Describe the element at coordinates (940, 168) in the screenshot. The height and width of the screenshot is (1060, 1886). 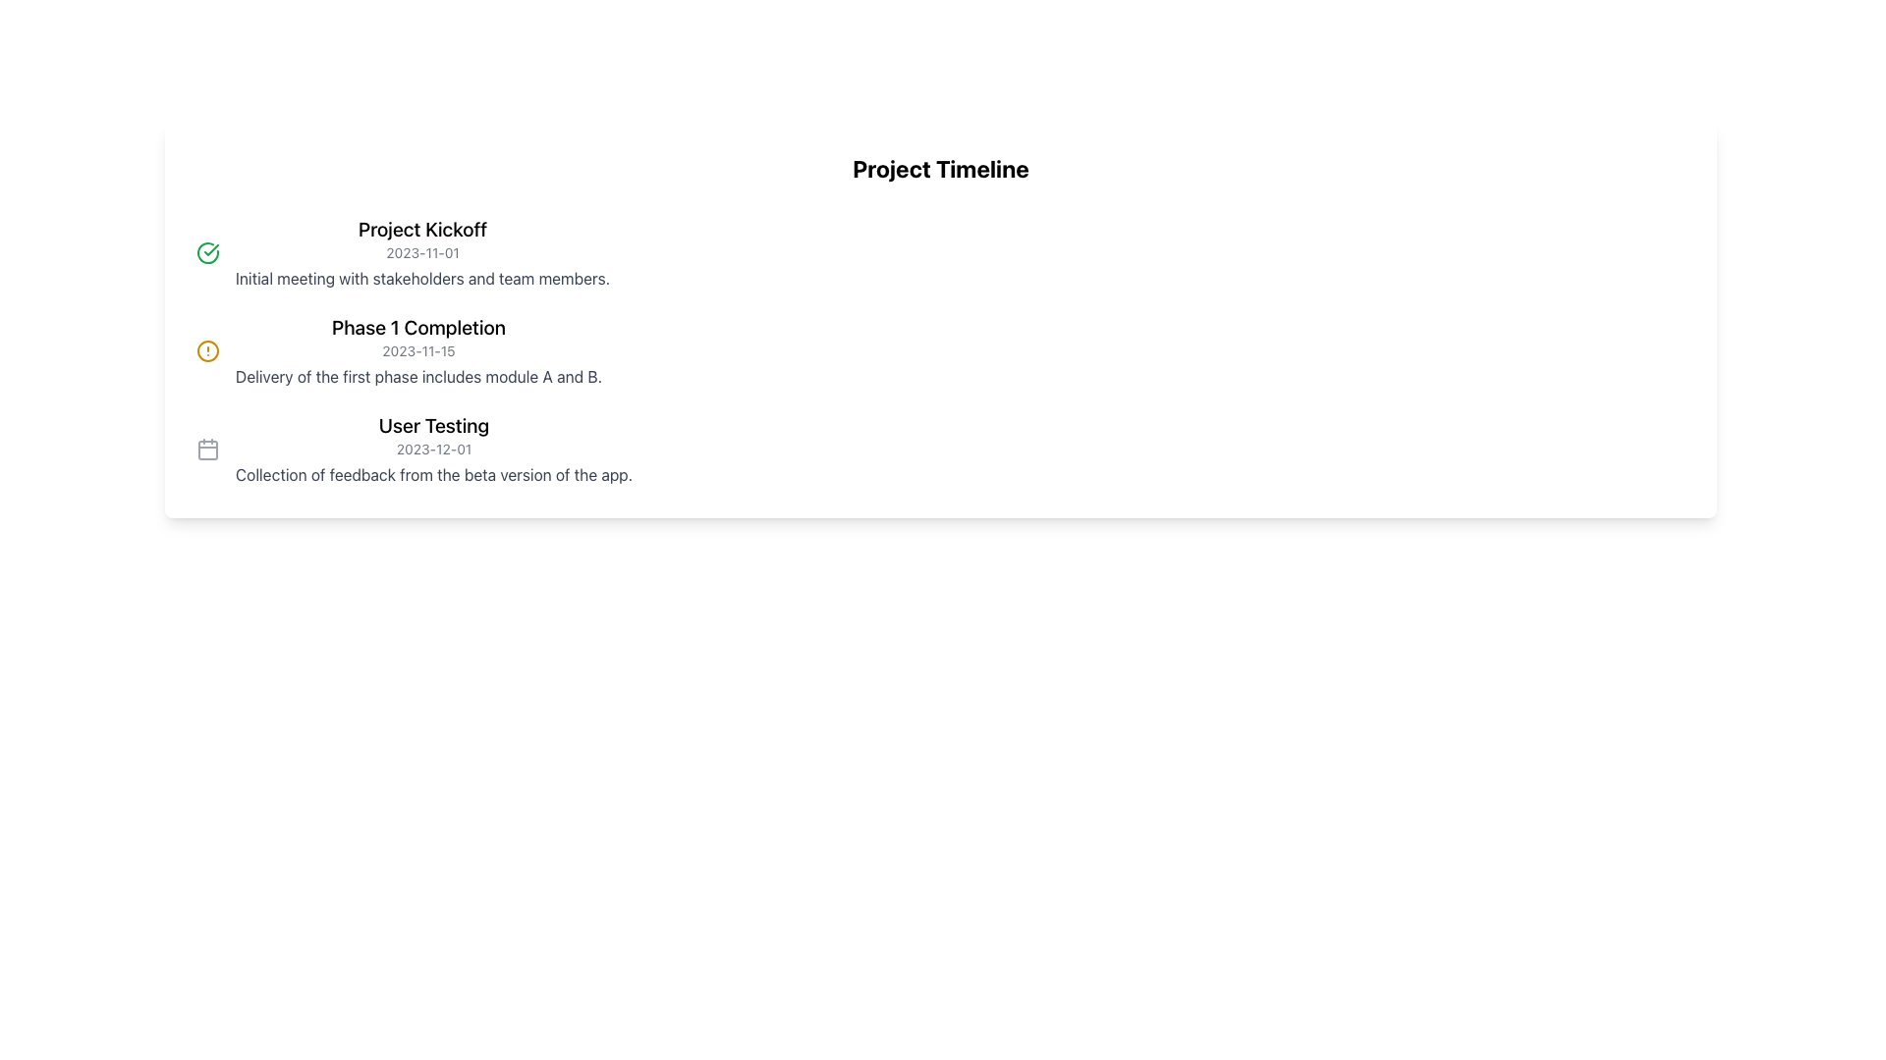
I see `text content of the bold heading that says 'Project Timeline', which is prominently displayed at the top of a section with a white background and rounded corners` at that location.